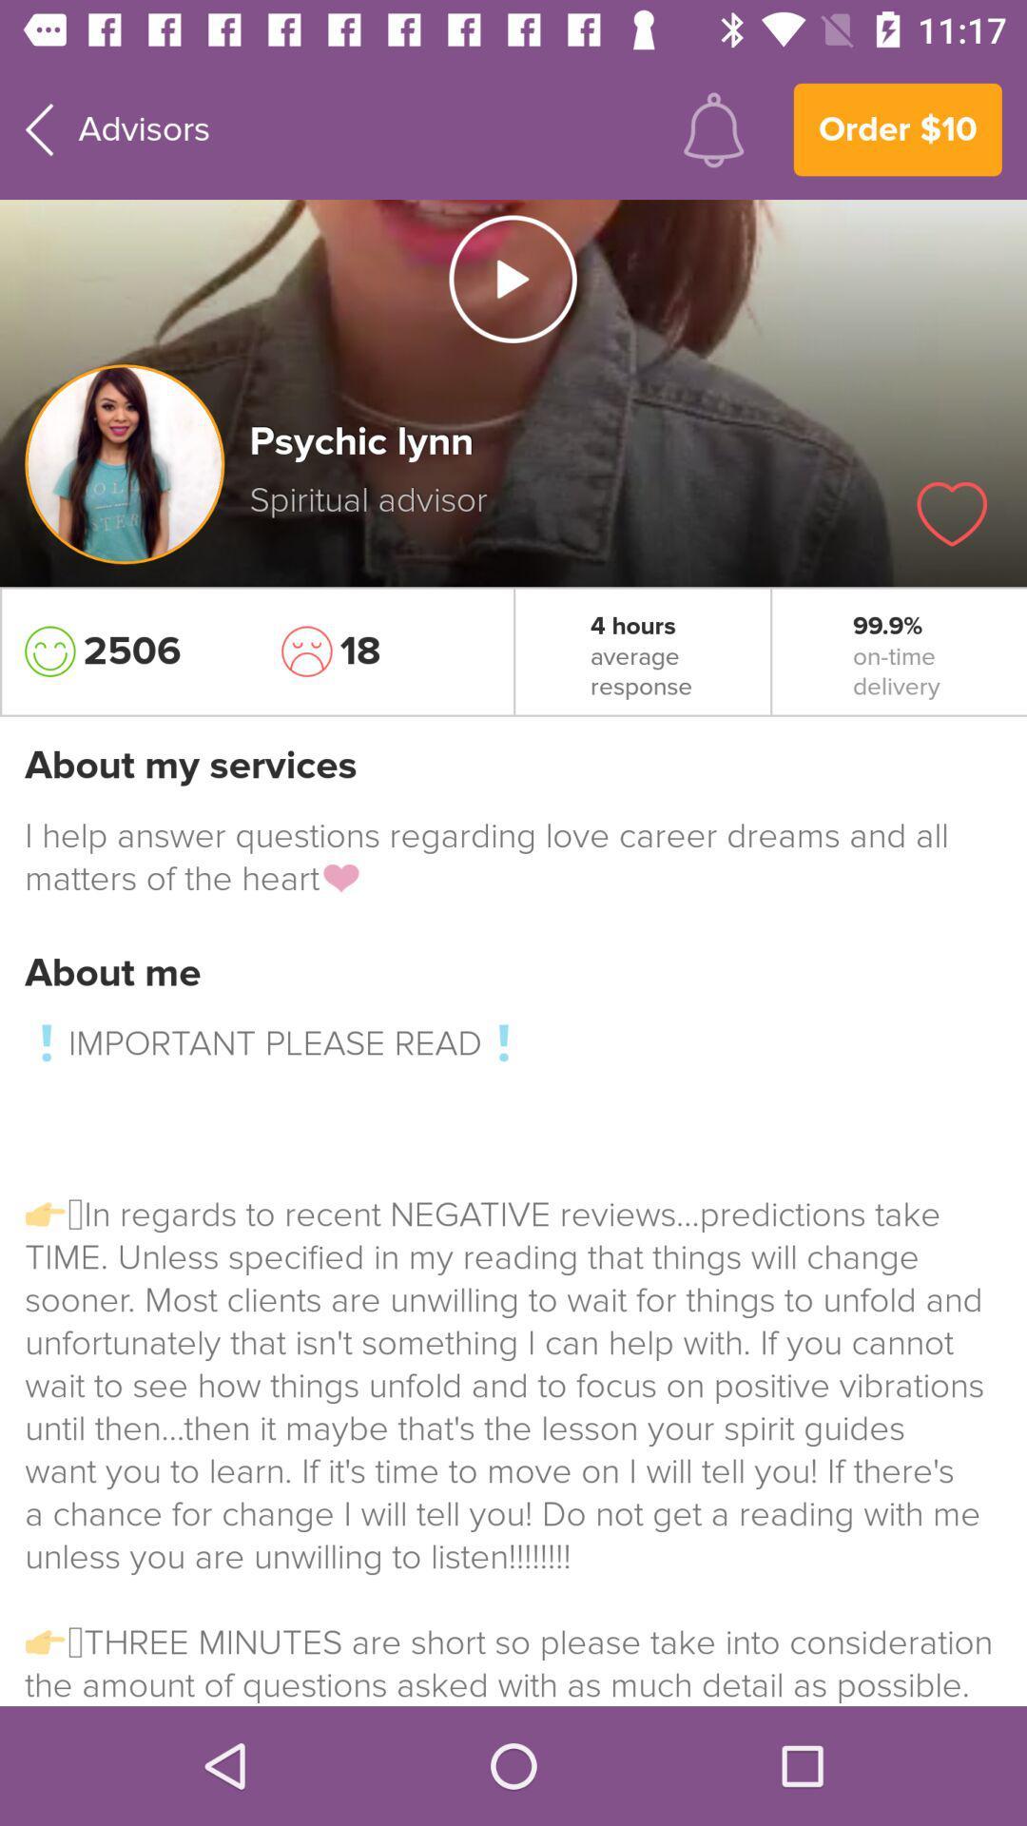 The height and width of the screenshot is (1826, 1027). I want to click on this page, so click(952, 514).